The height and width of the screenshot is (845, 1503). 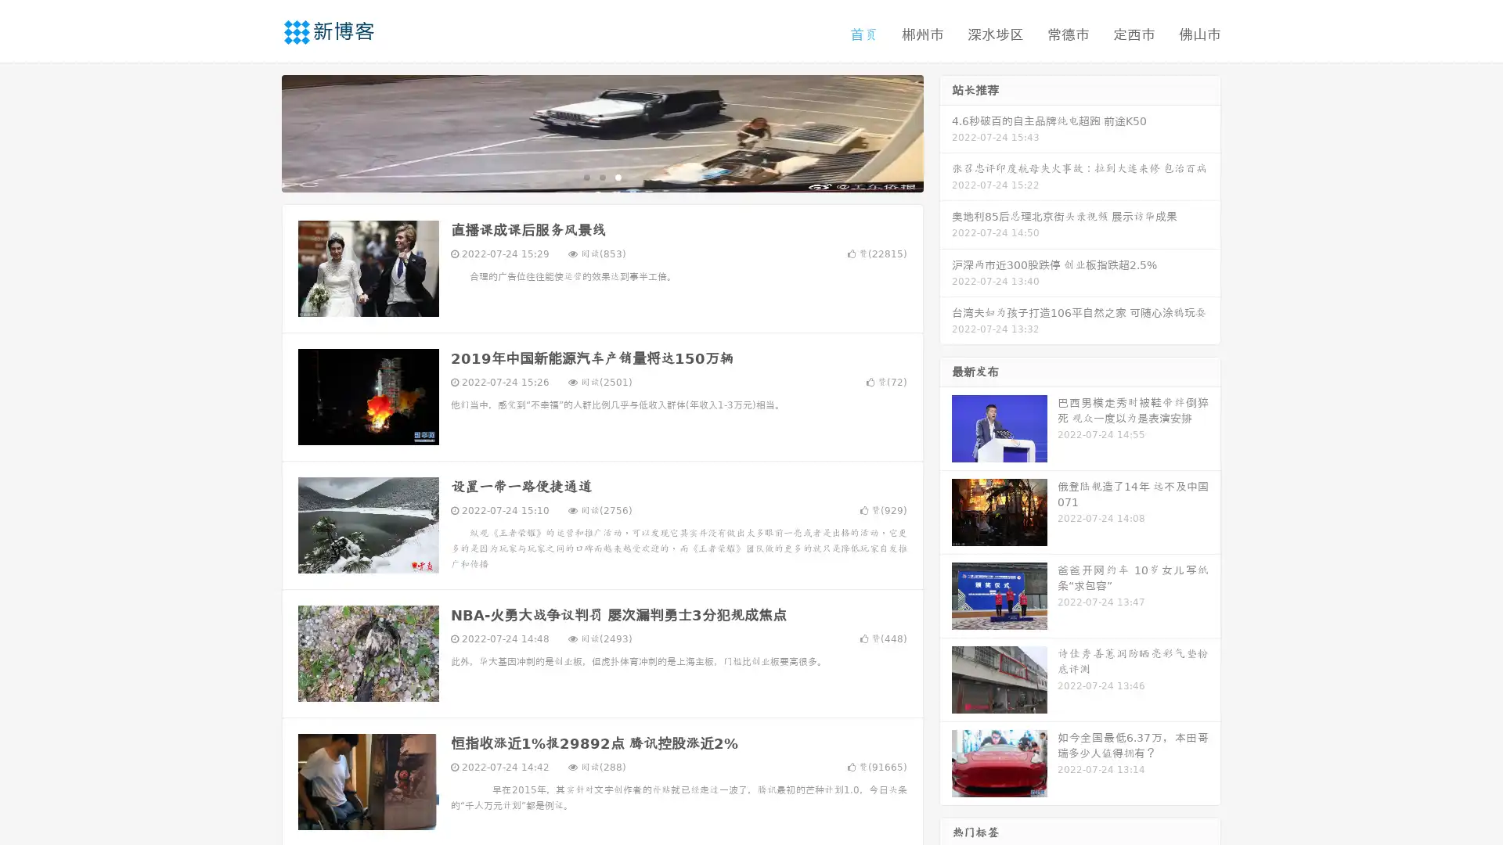 I want to click on Go to slide 3, so click(x=618, y=176).